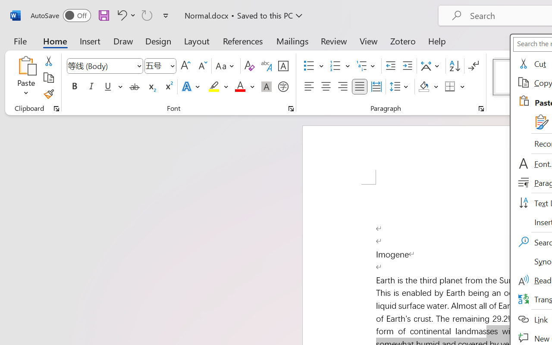 The width and height of the screenshot is (552, 345). Describe the element at coordinates (283, 87) in the screenshot. I see `'Enclose Characters...'` at that location.